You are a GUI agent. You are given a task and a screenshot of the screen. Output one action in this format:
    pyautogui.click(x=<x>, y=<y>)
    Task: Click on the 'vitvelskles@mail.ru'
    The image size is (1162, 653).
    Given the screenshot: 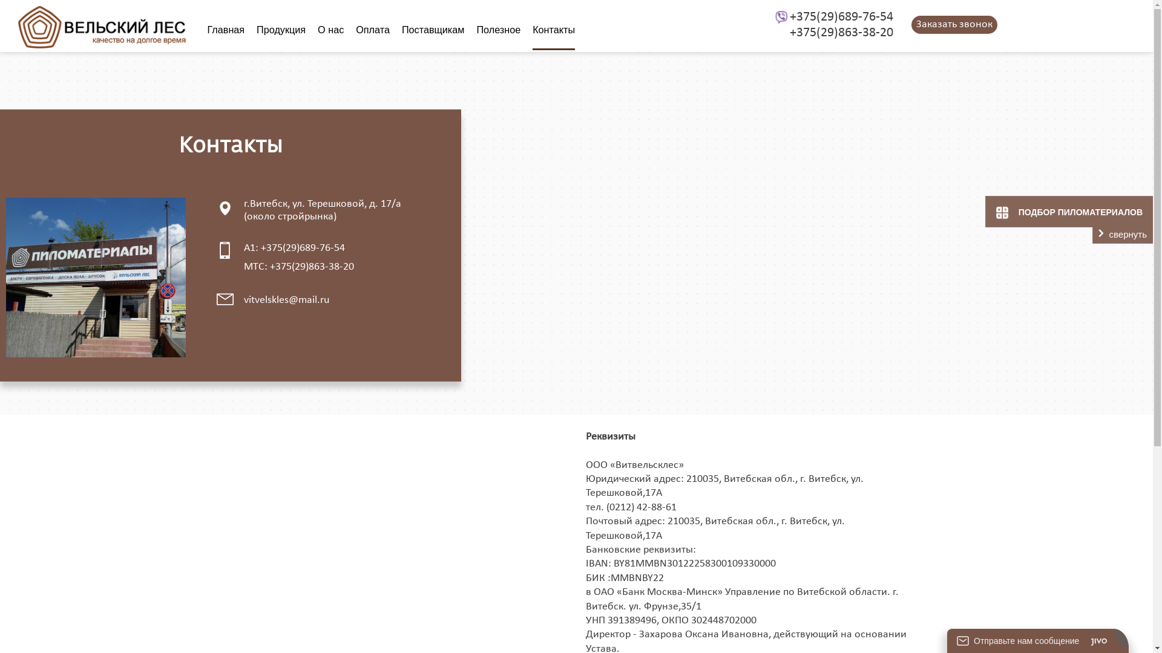 What is the action you would take?
    pyautogui.click(x=243, y=299)
    